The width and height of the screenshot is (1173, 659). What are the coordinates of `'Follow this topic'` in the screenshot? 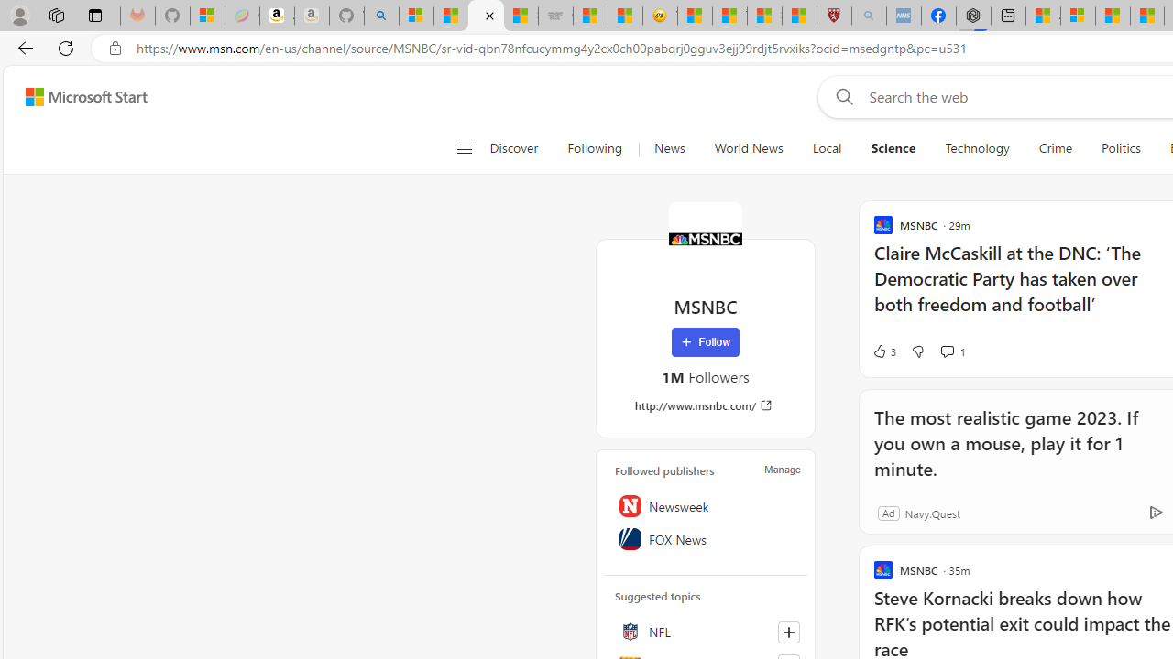 It's located at (788, 631).